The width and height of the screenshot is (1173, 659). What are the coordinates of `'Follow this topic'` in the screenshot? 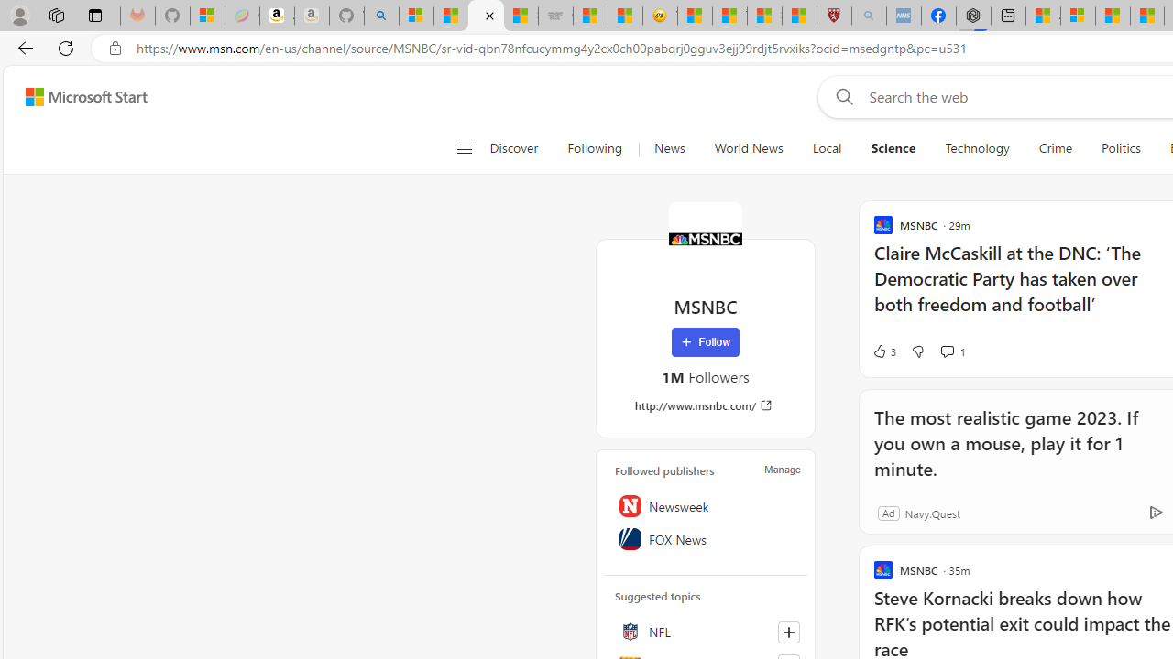 It's located at (788, 631).